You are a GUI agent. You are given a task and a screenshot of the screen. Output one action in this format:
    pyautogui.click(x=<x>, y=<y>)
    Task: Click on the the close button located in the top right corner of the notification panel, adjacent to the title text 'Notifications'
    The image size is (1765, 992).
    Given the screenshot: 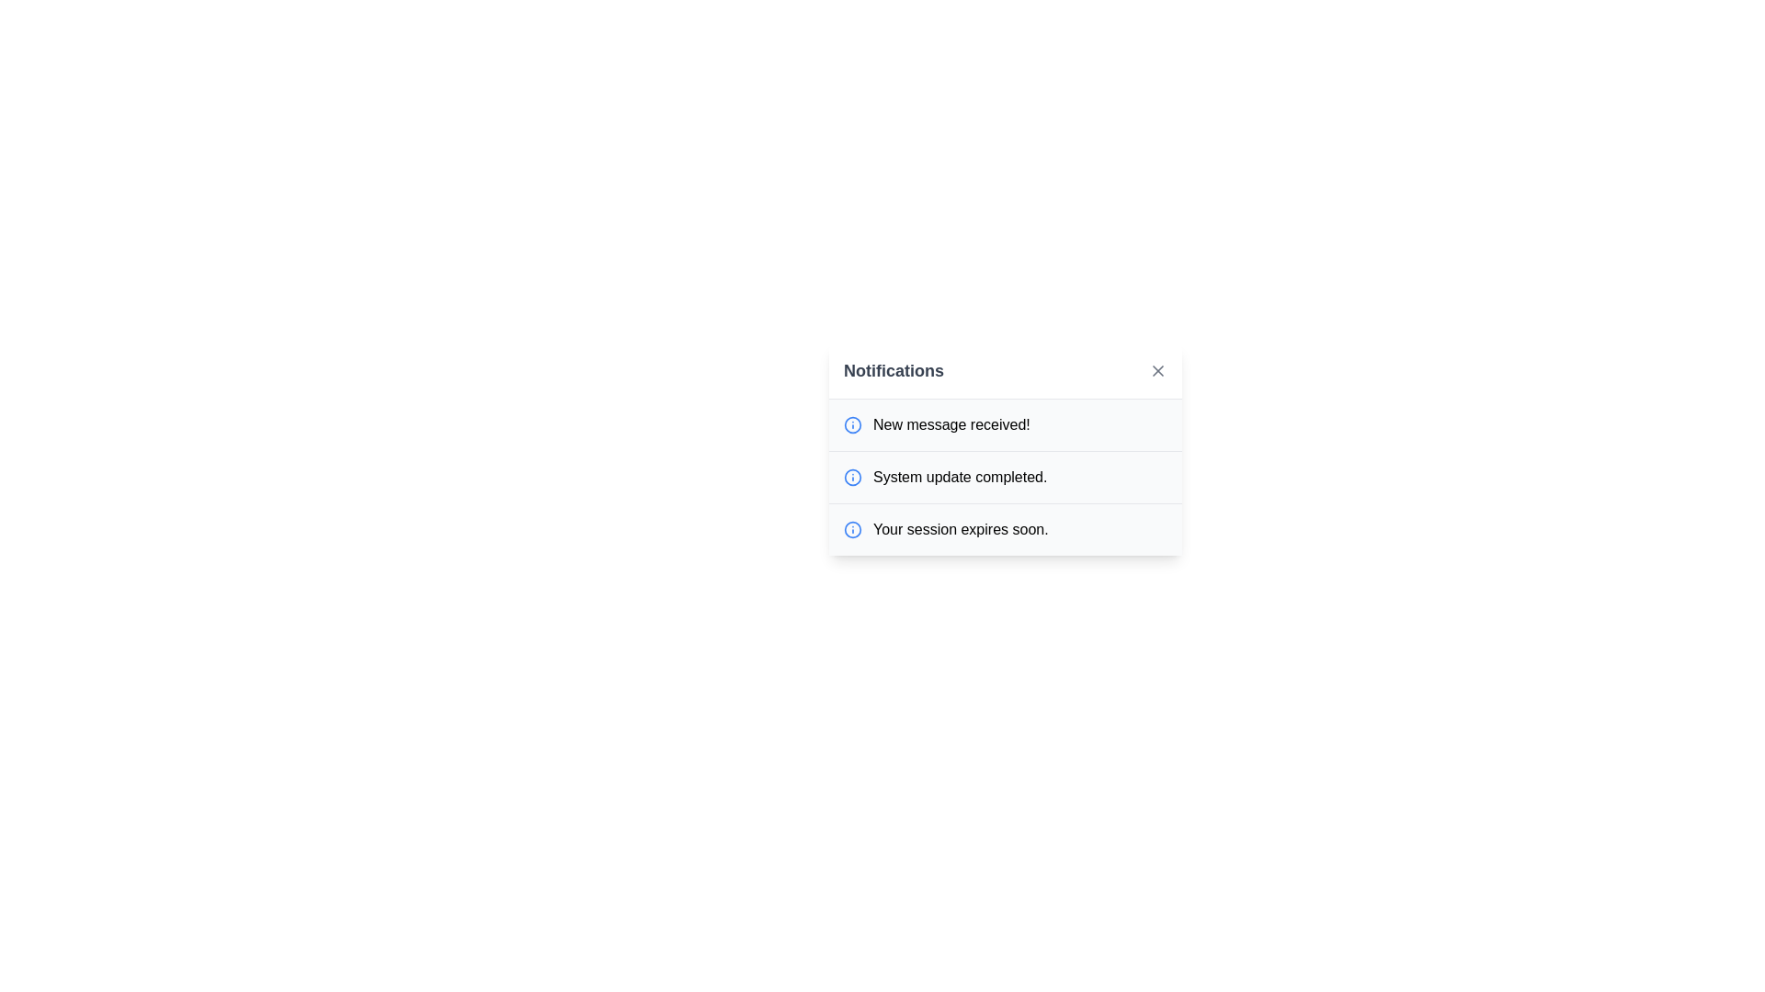 What is the action you would take?
    pyautogui.click(x=1156, y=371)
    